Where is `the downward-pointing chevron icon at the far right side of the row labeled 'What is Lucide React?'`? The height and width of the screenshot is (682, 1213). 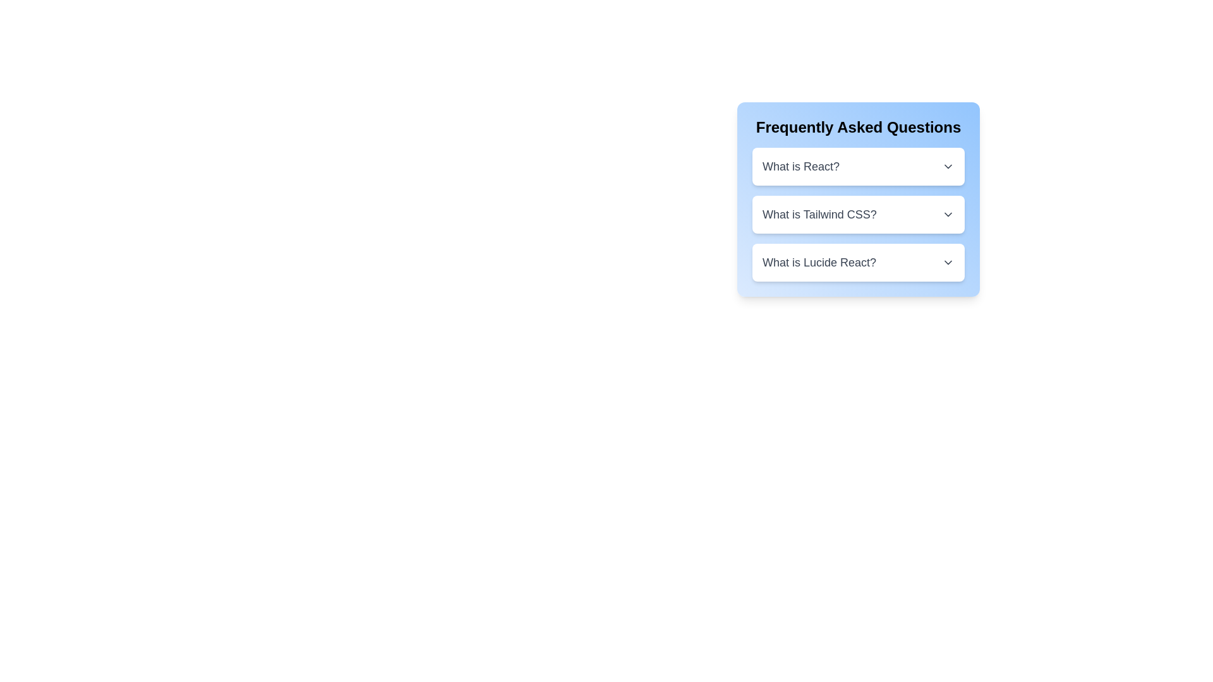
the downward-pointing chevron icon at the far right side of the row labeled 'What is Lucide React?' is located at coordinates (948, 262).